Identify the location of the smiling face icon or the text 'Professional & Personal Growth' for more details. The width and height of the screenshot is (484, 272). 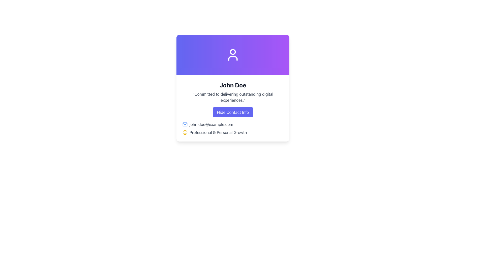
(233, 132).